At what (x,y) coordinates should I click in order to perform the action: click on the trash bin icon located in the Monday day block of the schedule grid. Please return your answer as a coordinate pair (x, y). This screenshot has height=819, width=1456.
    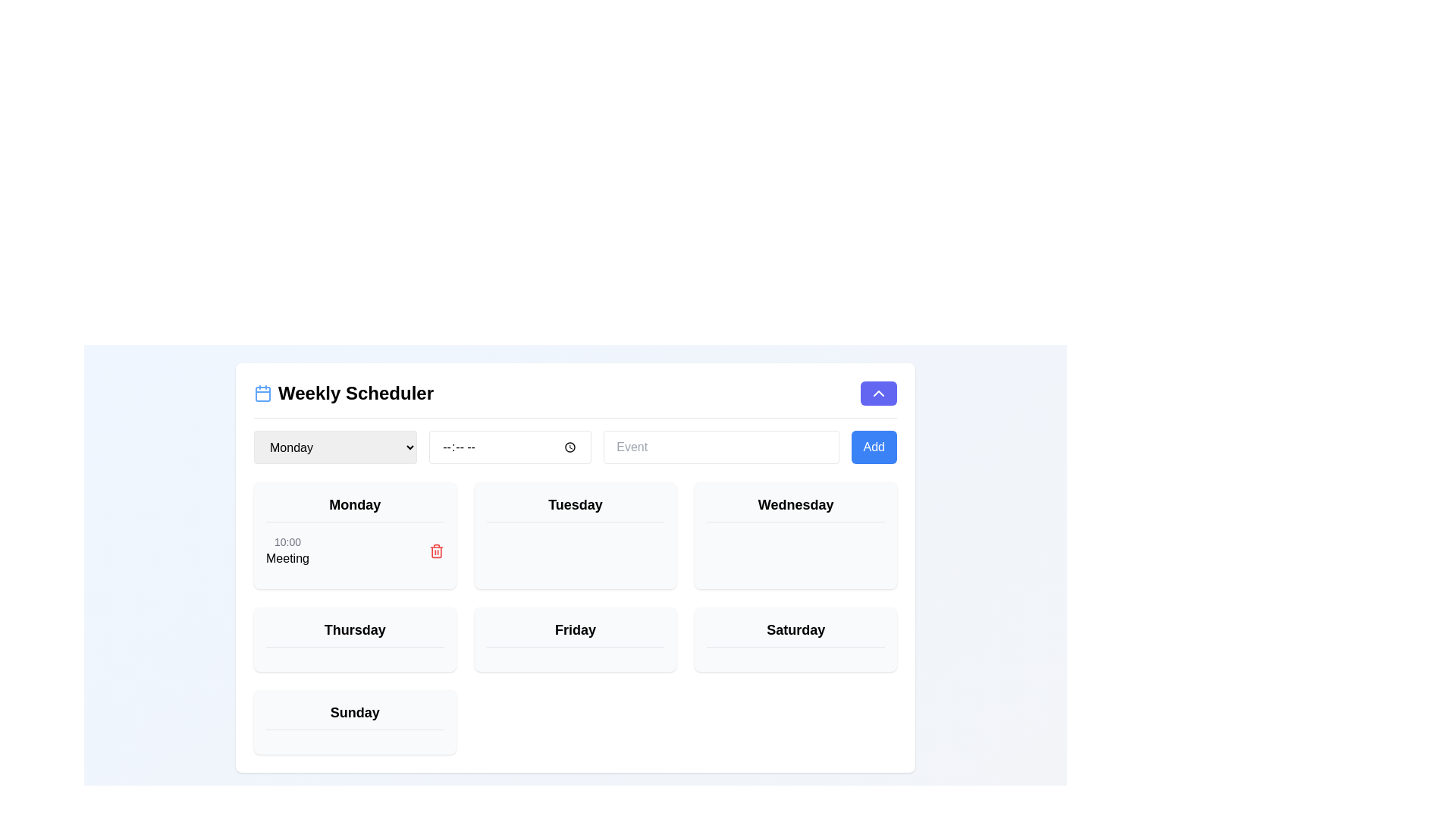
    Looking at the image, I should click on (435, 552).